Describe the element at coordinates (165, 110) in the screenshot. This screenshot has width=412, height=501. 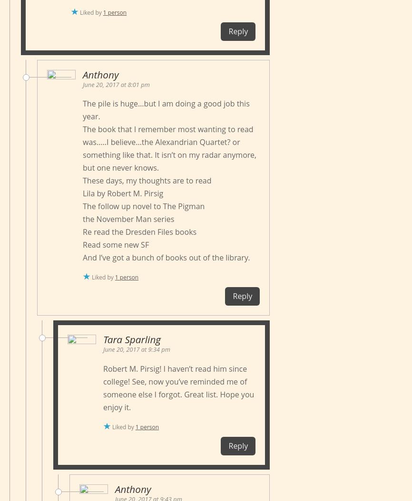
I see `'The pile is huge…but I am doing a good job this year.'` at that location.